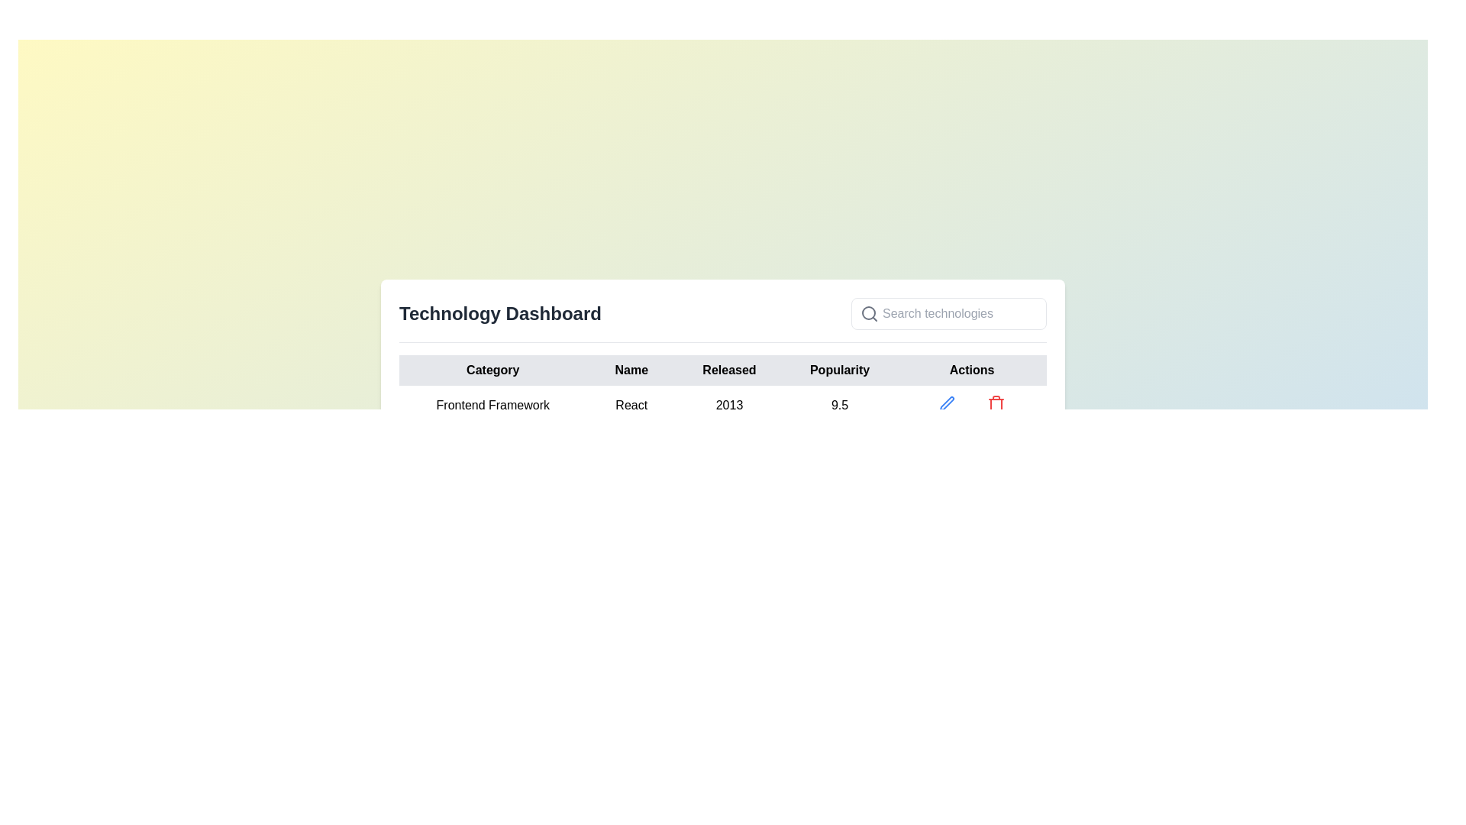 The image size is (1466, 825). What do you see at coordinates (868, 312) in the screenshot?
I see `the input box associated with the magnifying glass icon, identified by its central circular element located at the specified coordinates` at bounding box center [868, 312].